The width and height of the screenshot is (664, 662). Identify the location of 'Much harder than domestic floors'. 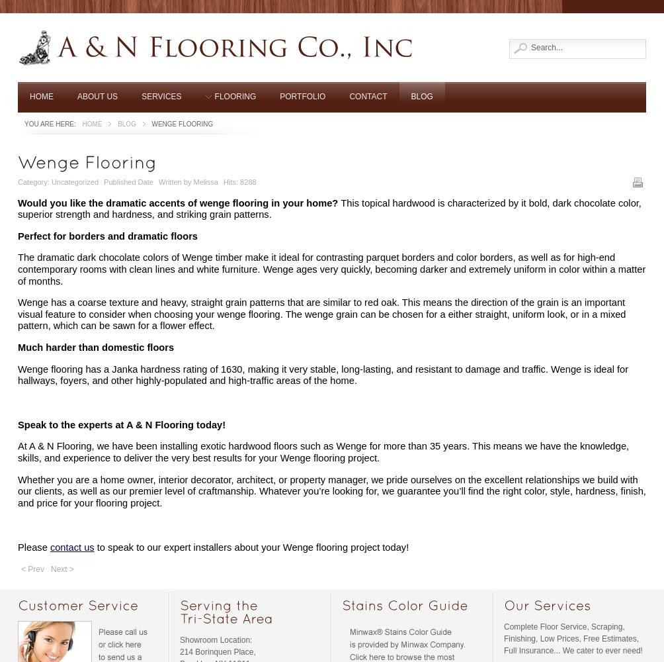
(96, 347).